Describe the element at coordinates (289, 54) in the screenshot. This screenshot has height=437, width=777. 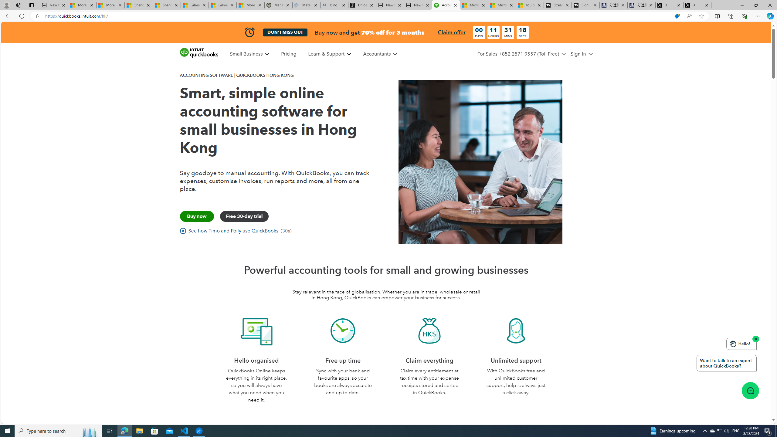
I see `'Pricing'` at that location.